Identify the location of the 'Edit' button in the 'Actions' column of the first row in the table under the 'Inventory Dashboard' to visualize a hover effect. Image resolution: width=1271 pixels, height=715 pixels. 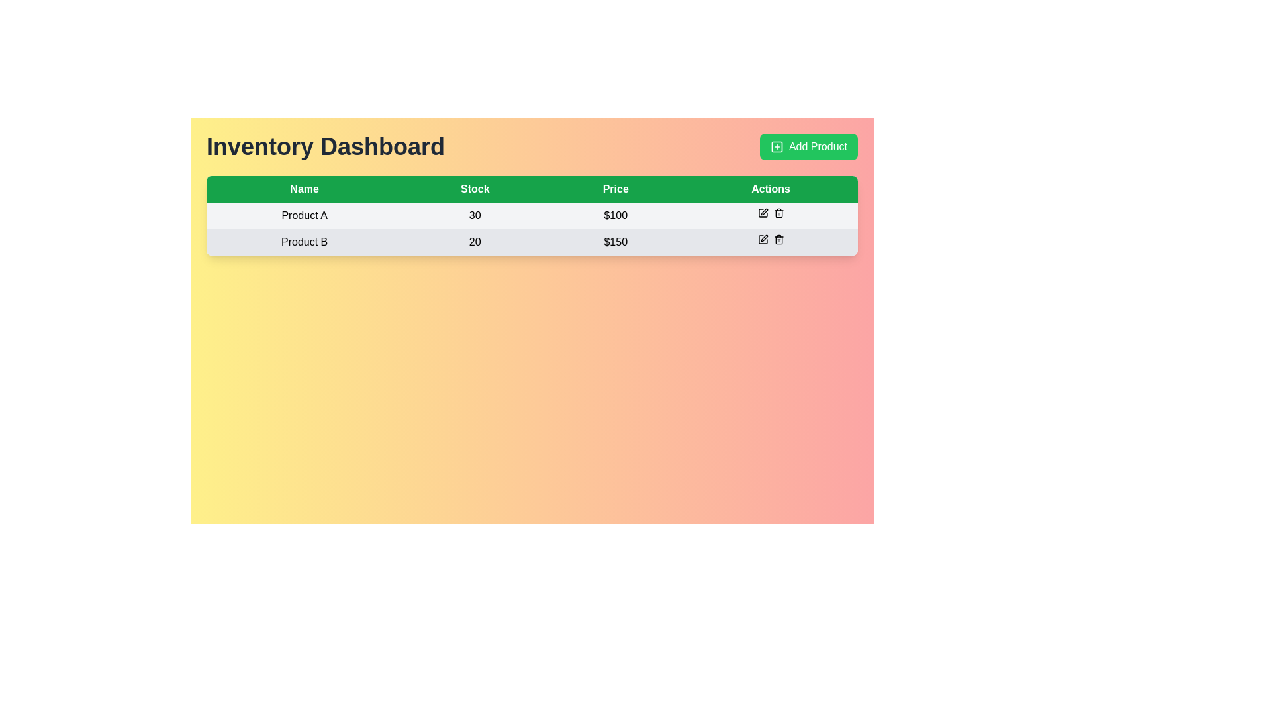
(763, 212).